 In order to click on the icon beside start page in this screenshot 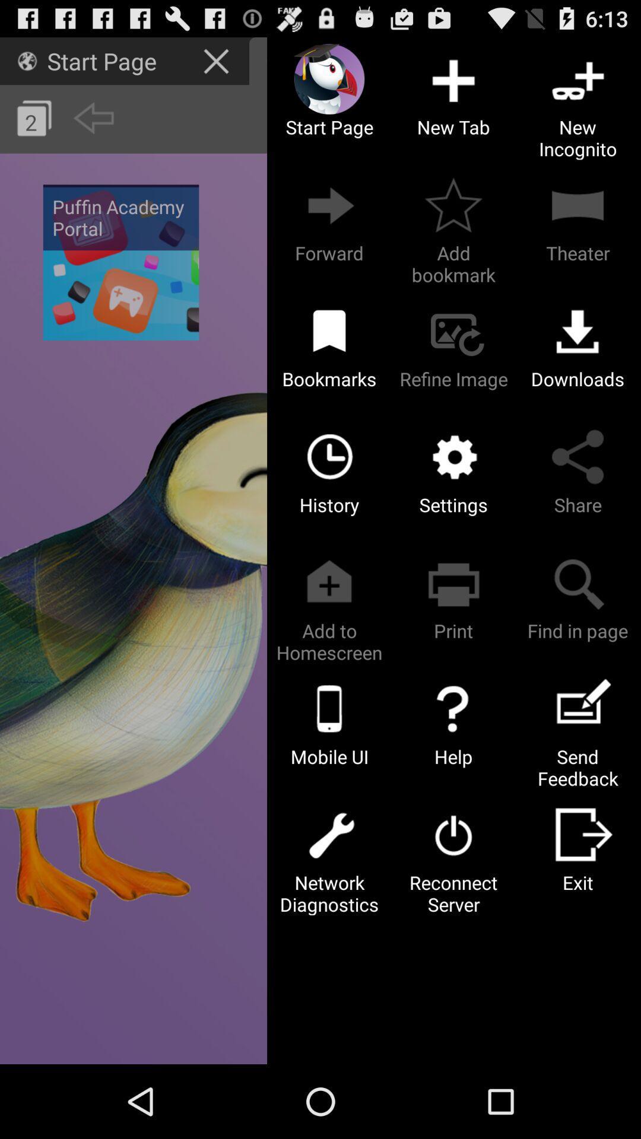, I will do `click(27, 60)`.